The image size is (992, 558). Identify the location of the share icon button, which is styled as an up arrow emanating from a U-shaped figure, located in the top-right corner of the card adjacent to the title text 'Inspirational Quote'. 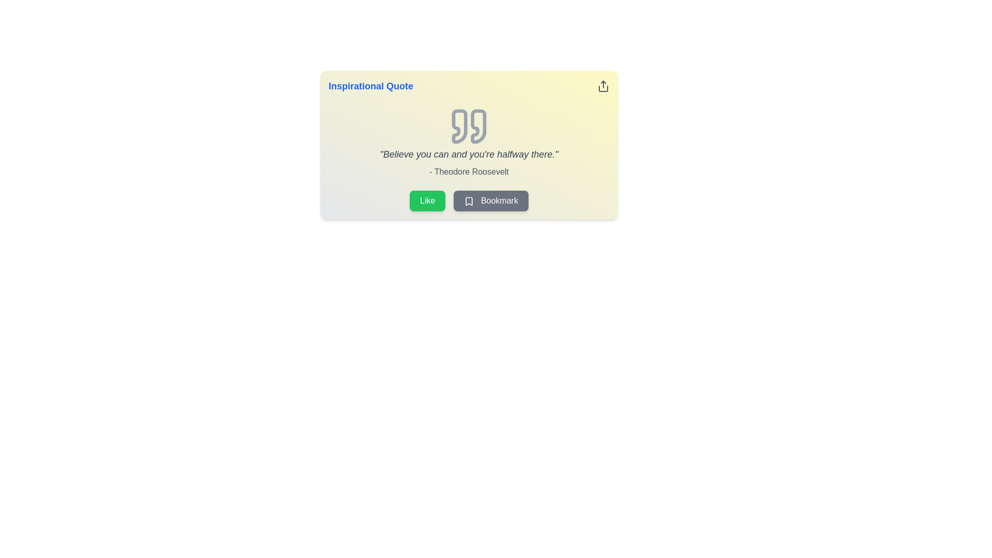
(603, 85).